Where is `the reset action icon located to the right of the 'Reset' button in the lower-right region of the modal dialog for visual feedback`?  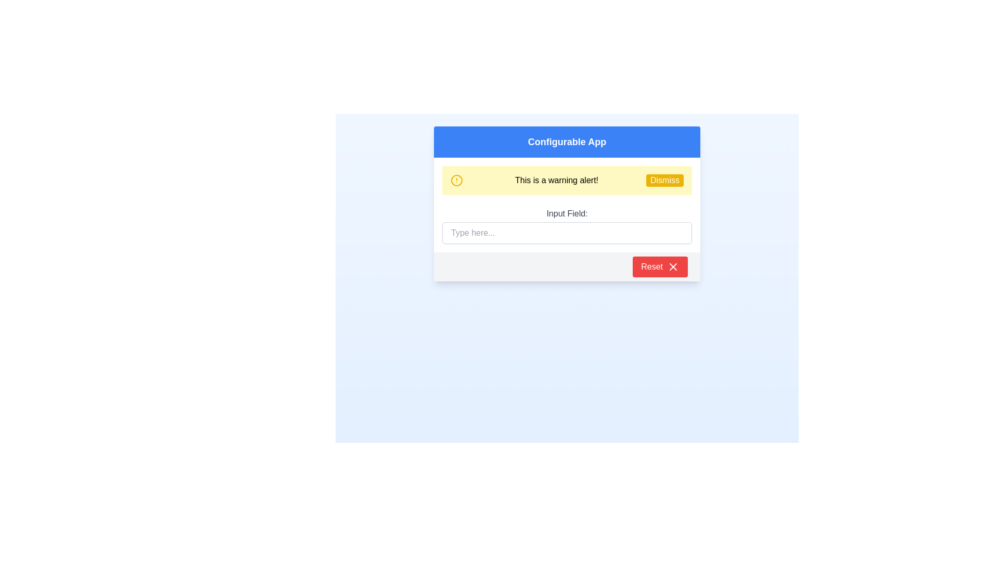 the reset action icon located to the right of the 'Reset' button in the lower-right region of the modal dialog for visual feedback is located at coordinates (673, 266).